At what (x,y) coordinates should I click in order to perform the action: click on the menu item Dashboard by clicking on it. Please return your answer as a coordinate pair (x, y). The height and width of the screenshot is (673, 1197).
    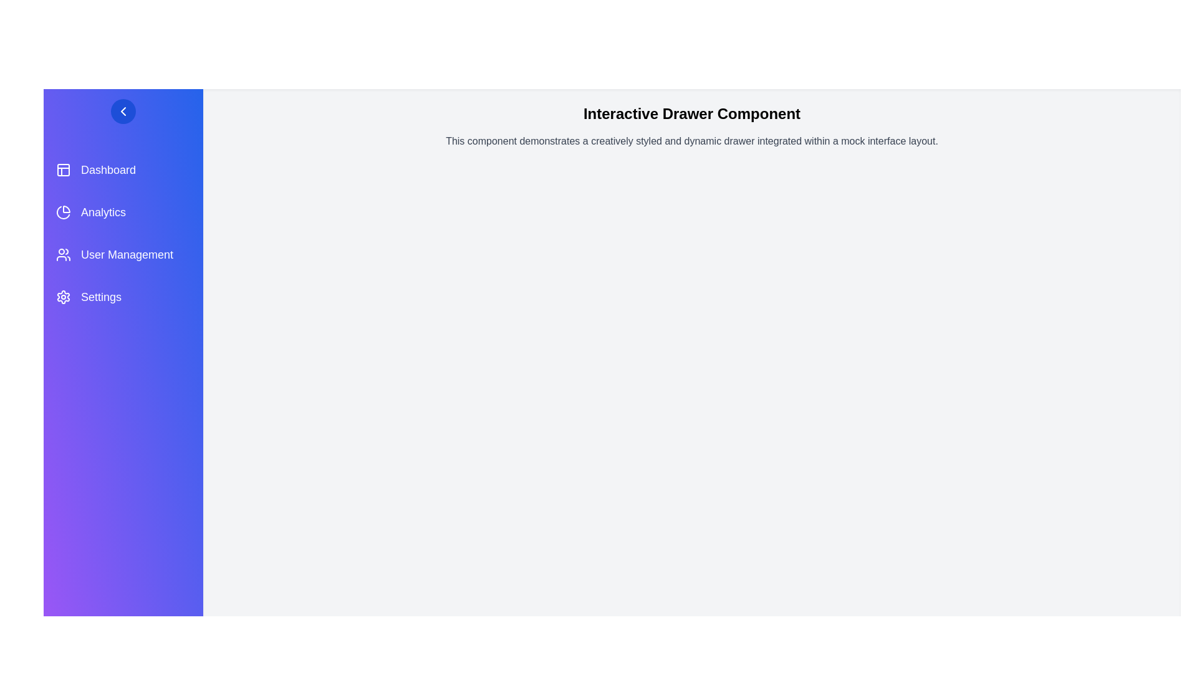
    Looking at the image, I should click on (123, 170).